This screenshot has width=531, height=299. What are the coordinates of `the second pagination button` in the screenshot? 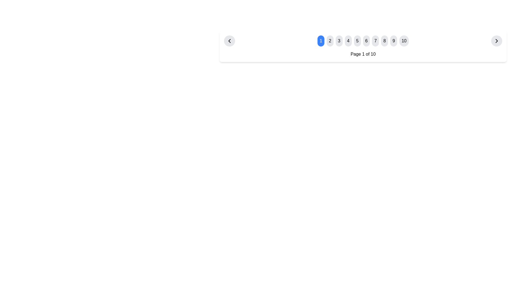 It's located at (330, 40).